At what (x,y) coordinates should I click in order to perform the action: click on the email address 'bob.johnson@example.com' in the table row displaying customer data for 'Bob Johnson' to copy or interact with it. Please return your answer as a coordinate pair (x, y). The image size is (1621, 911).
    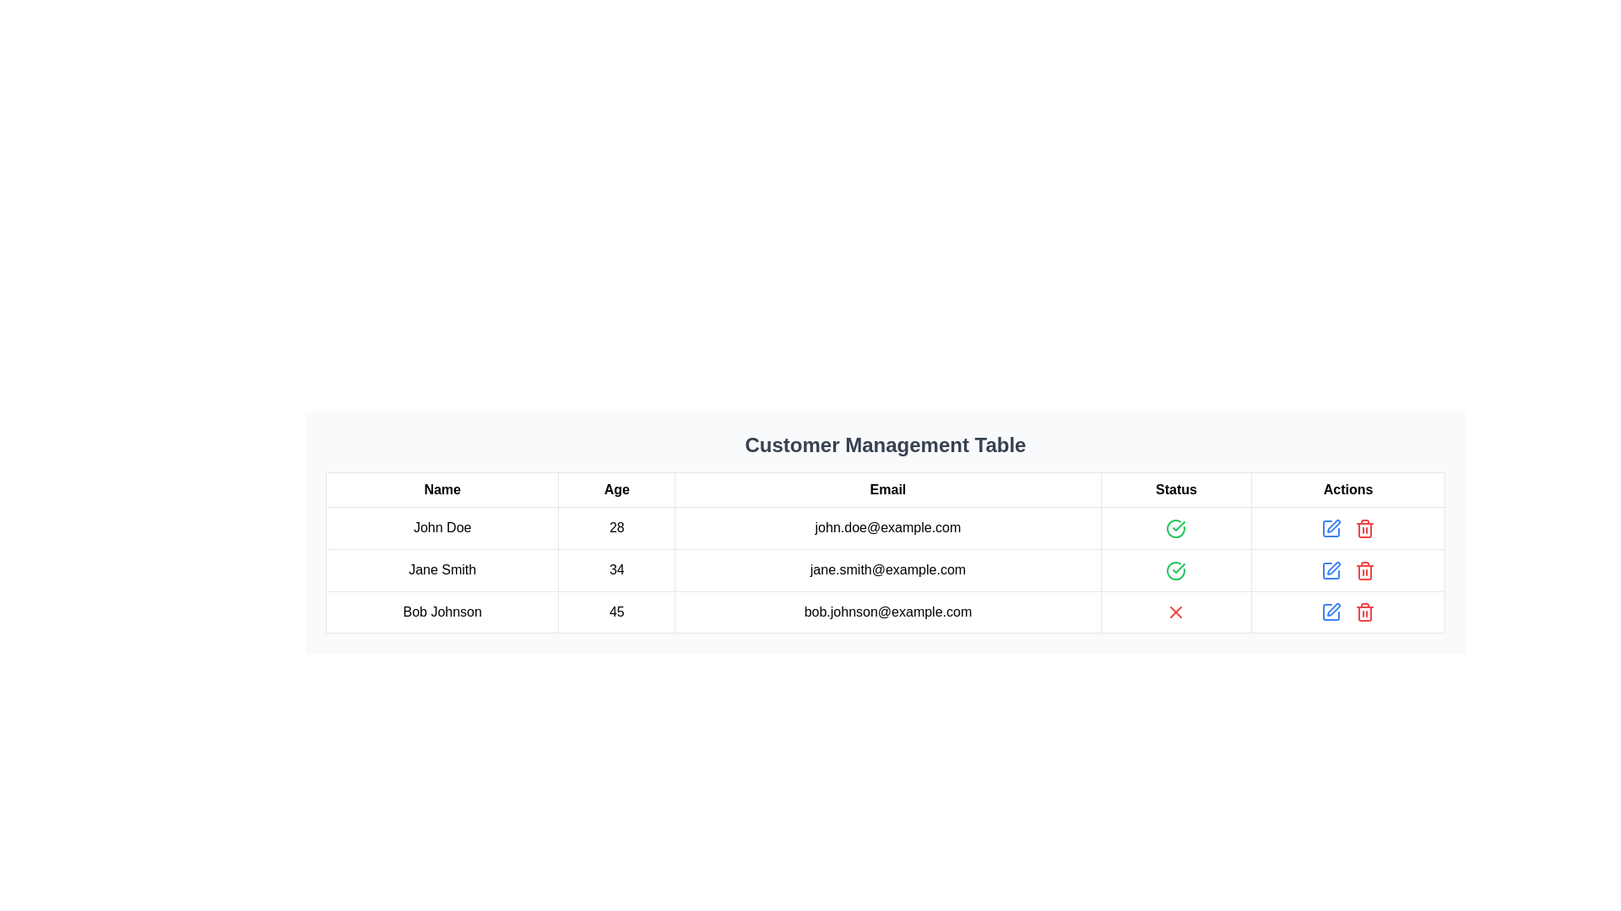
    Looking at the image, I should click on (885, 612).